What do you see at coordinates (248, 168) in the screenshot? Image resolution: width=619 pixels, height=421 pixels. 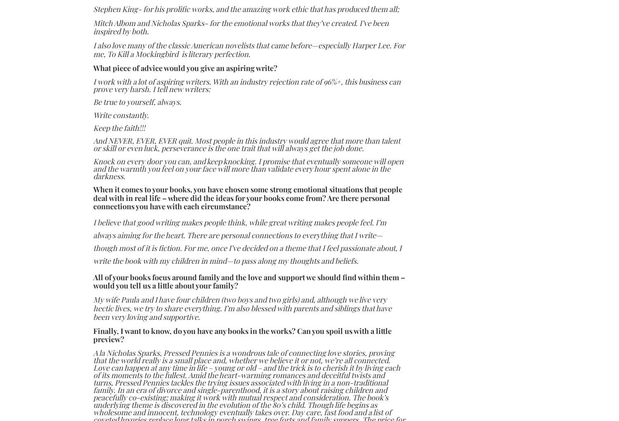 I see `'Knock on every door you can, and keep knocking. I promise that eventually someone will open and the warmth you feel on your face will more than validate every hour spent alone in the darkness.'` at bounding box center [248, 168].